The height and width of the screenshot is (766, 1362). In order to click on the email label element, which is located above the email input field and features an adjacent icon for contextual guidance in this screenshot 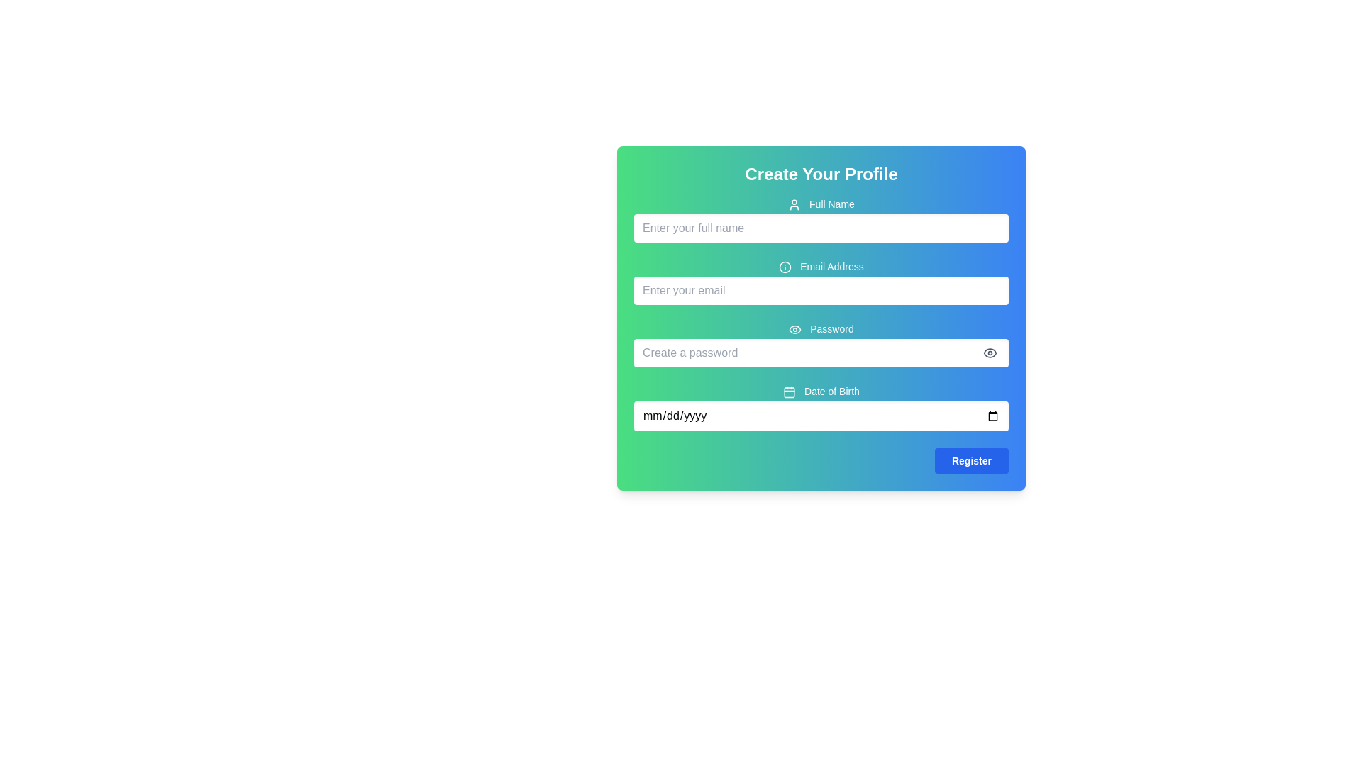, I will do `click(821, 266)`.